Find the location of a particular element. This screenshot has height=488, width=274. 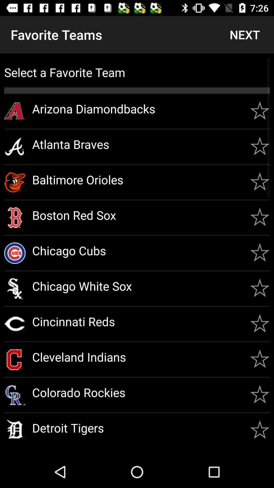

next item is located at coordinates (244, 34).